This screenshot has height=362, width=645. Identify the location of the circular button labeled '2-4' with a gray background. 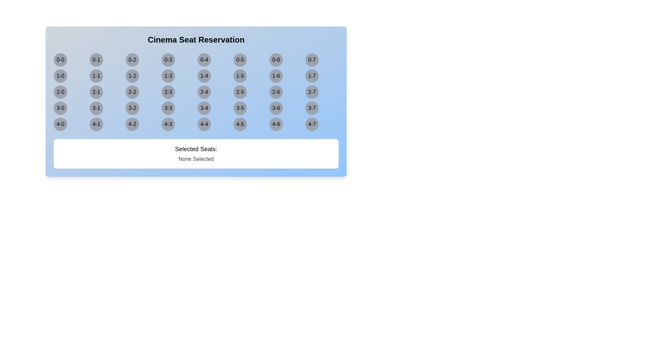
(204, 92).